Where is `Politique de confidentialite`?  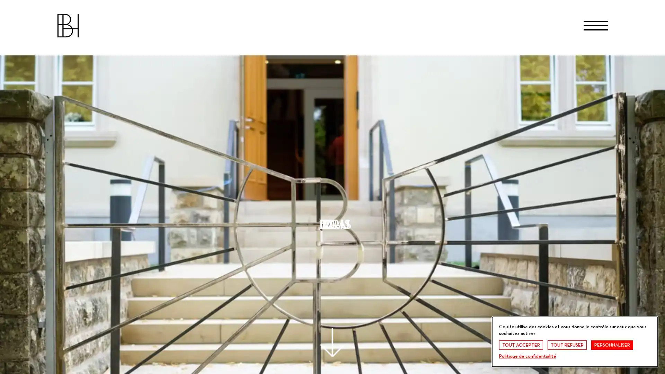
Politique de confidentialite is located at coordinates (527, 356).